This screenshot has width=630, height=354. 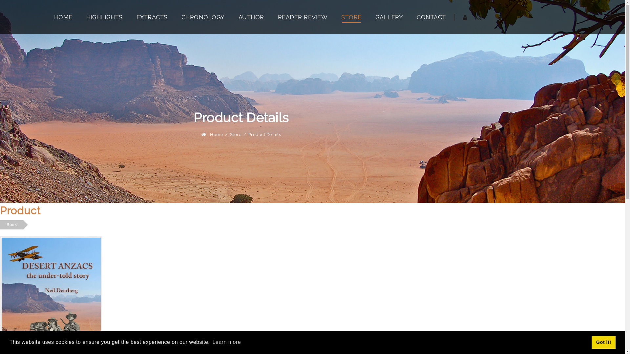 I want to click on 'CONTACT', so click(x=431, y=16).